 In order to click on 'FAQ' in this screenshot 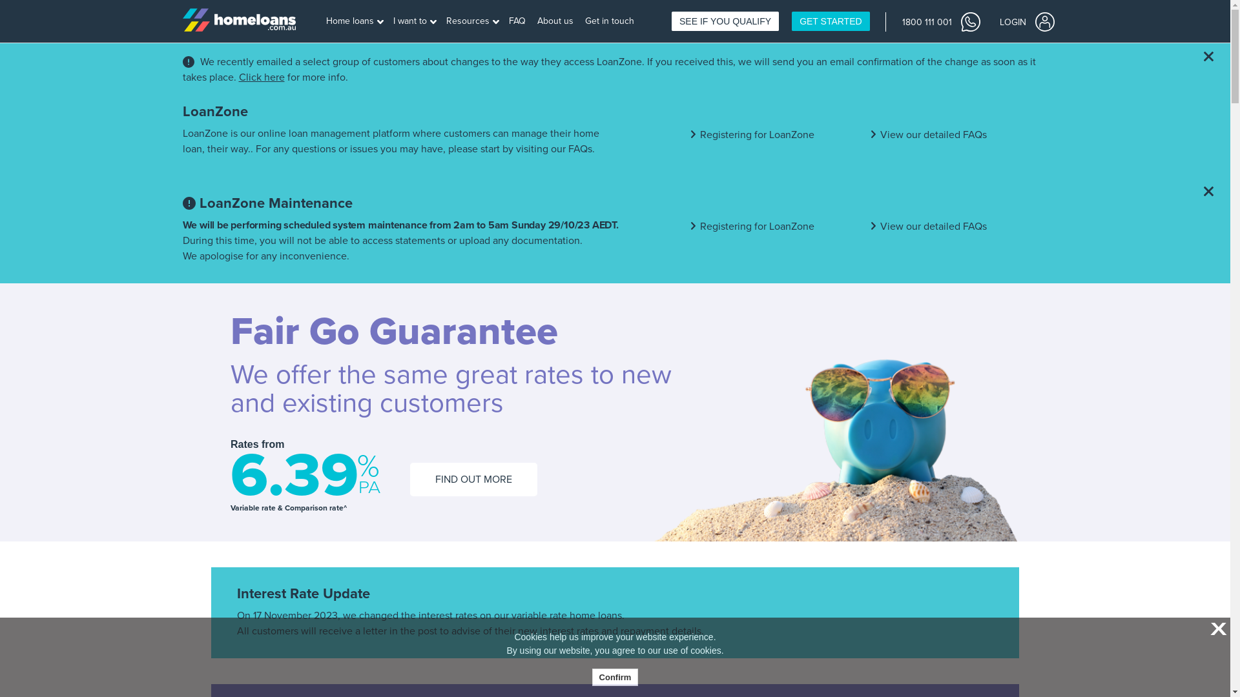, I will do `click(518, 21)`.